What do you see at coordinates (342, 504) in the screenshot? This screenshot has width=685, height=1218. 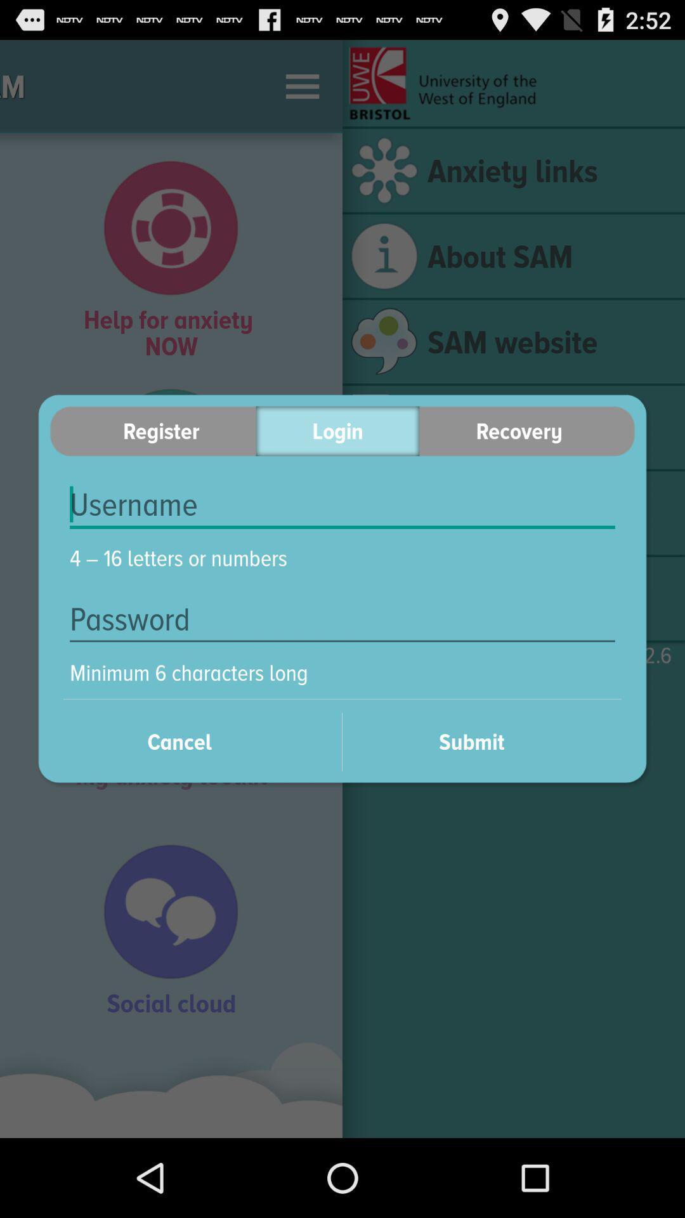 I see `type username for login` at bounding box center [342, 504].